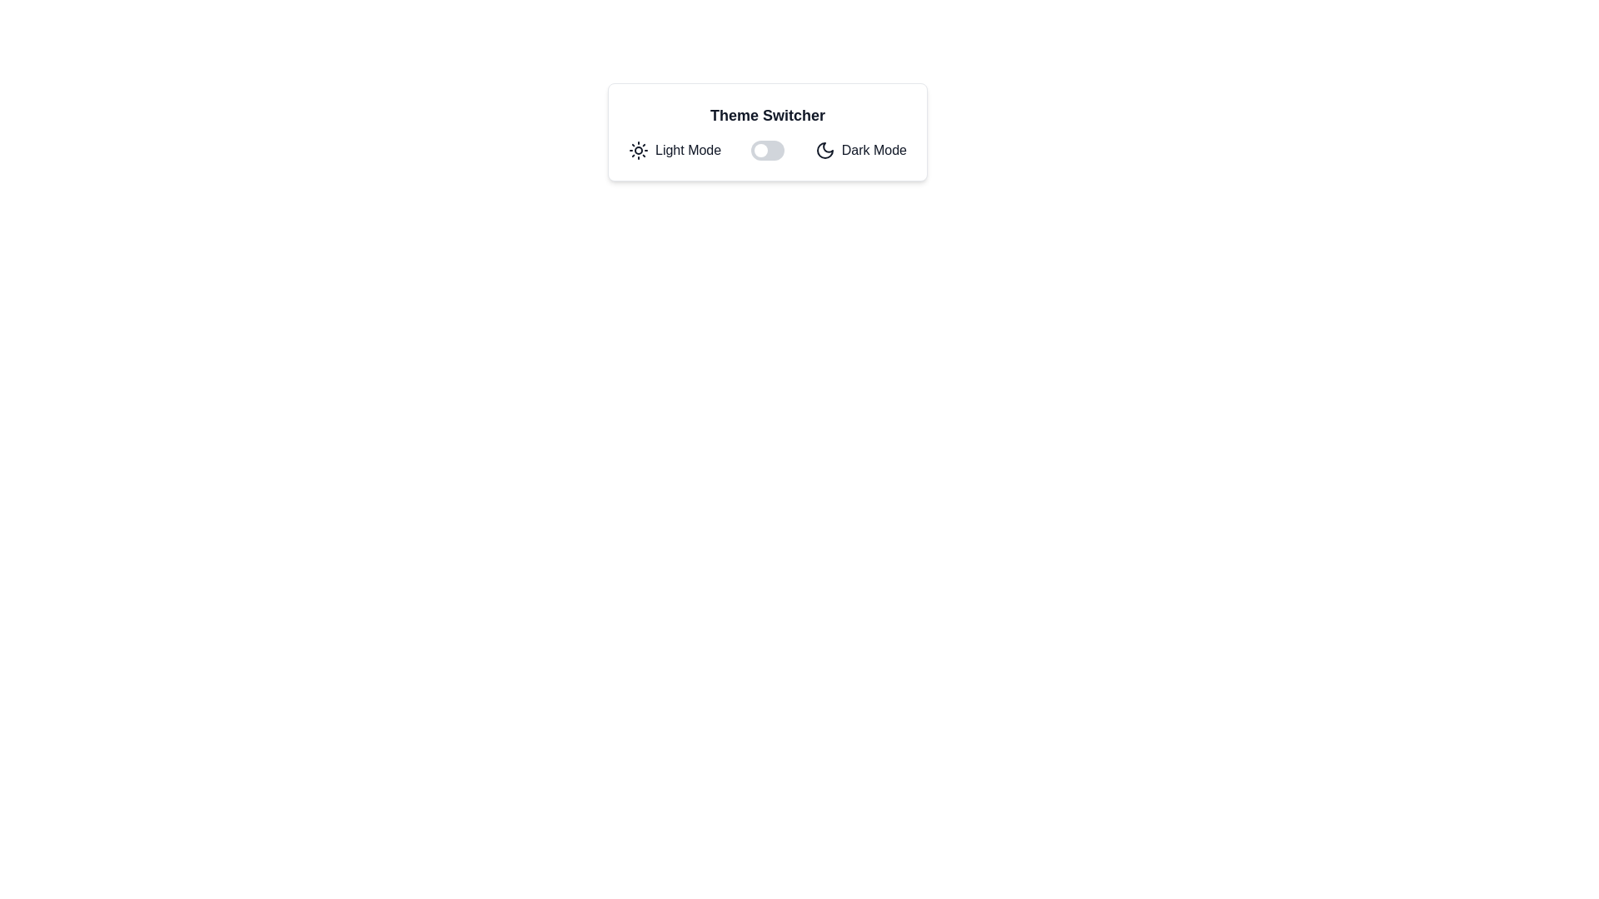  I want to click on the sun icon representing light mode, which is positioned next to the 'Light Mode' text in the 'Theme Switcher' section, so click(638, 151).